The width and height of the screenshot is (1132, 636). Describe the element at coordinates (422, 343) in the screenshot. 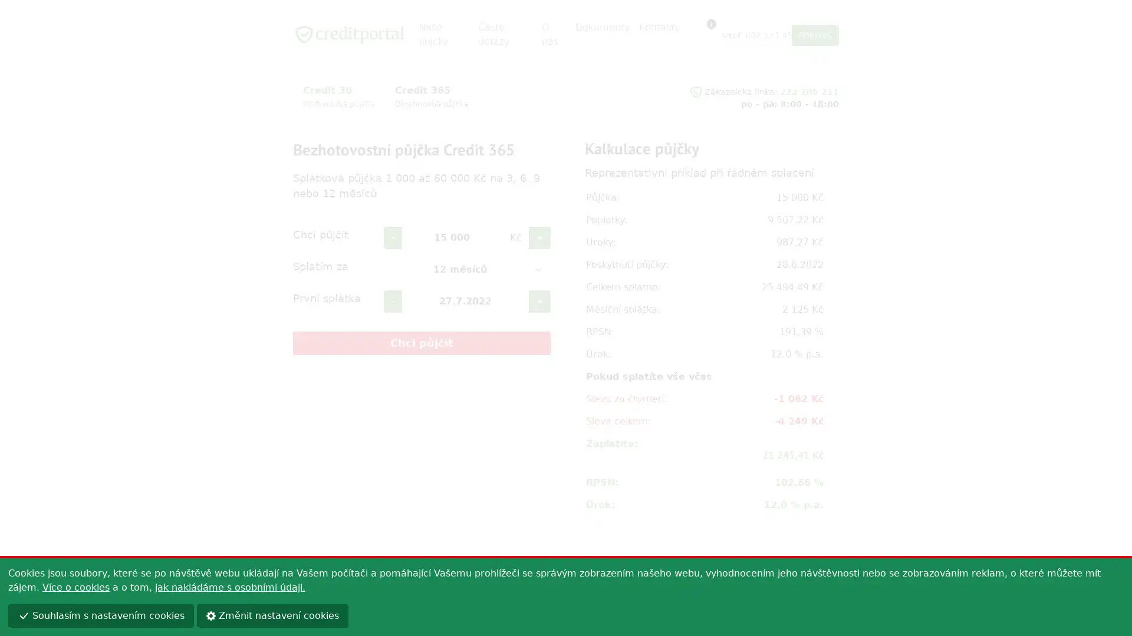

I see `Chci pujcit` at that location.